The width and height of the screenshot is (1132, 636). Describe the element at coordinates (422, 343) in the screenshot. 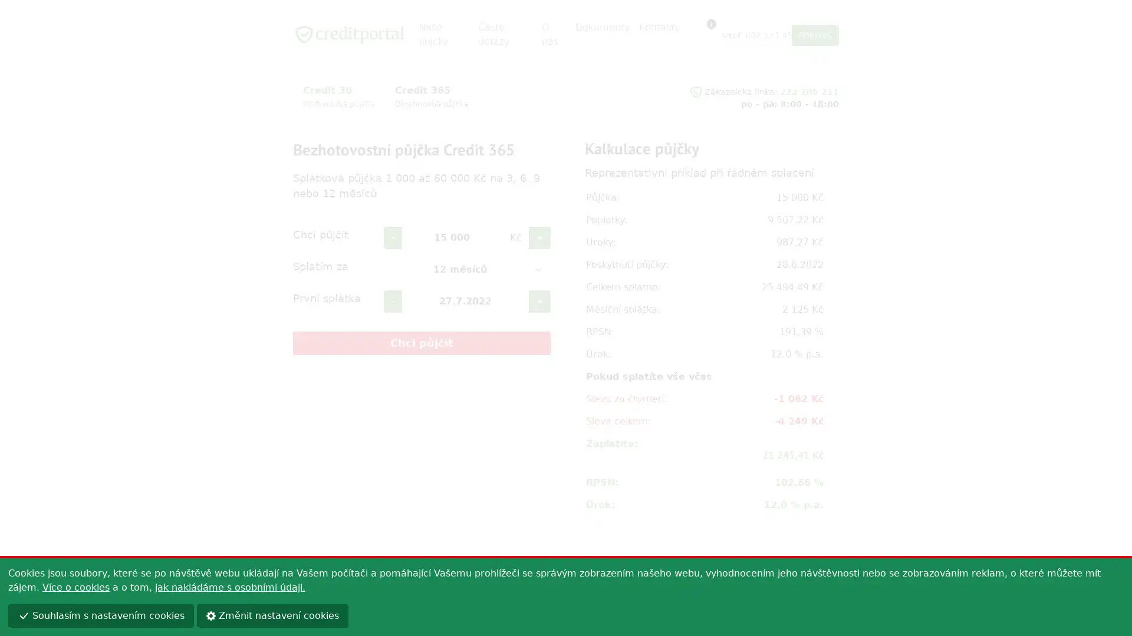

I see `Chci pujcit` at that location.